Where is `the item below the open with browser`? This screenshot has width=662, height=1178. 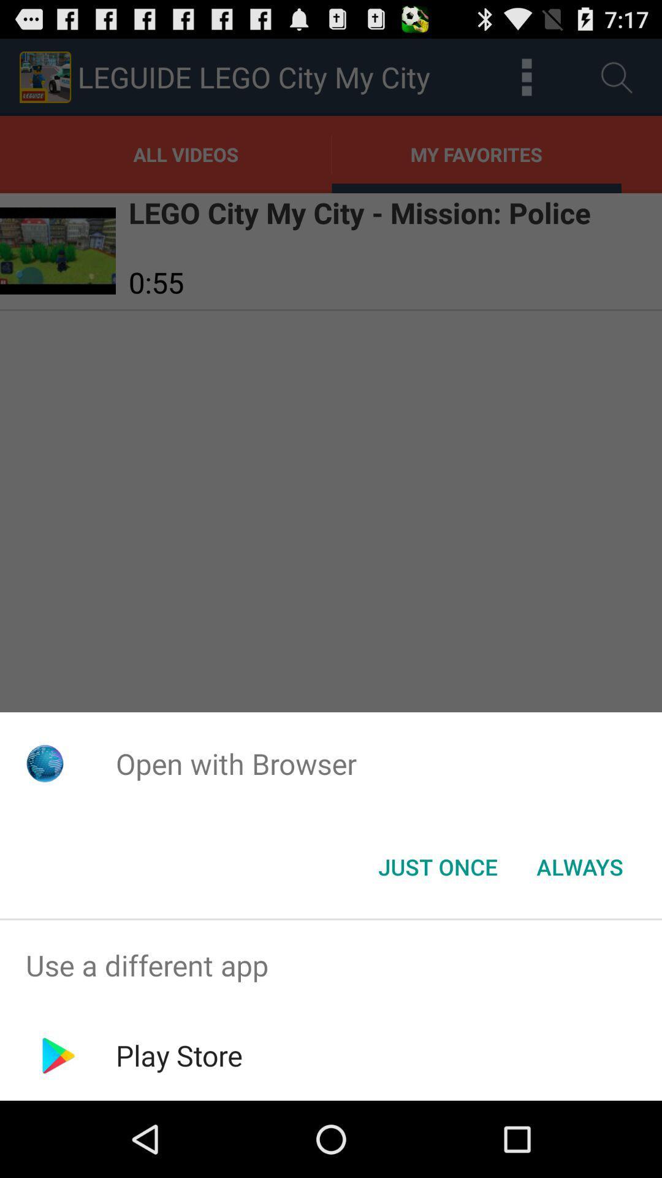
the item below the open with browser is located at coordinates (579, 866).